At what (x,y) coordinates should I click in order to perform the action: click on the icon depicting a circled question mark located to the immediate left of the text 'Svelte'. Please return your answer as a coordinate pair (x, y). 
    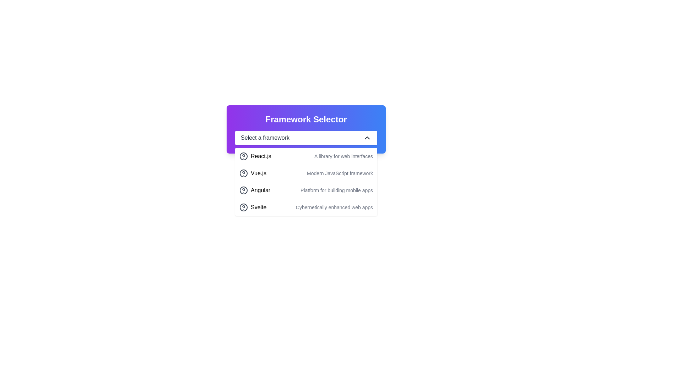
    Looking at the image, I should click on (244, 207).